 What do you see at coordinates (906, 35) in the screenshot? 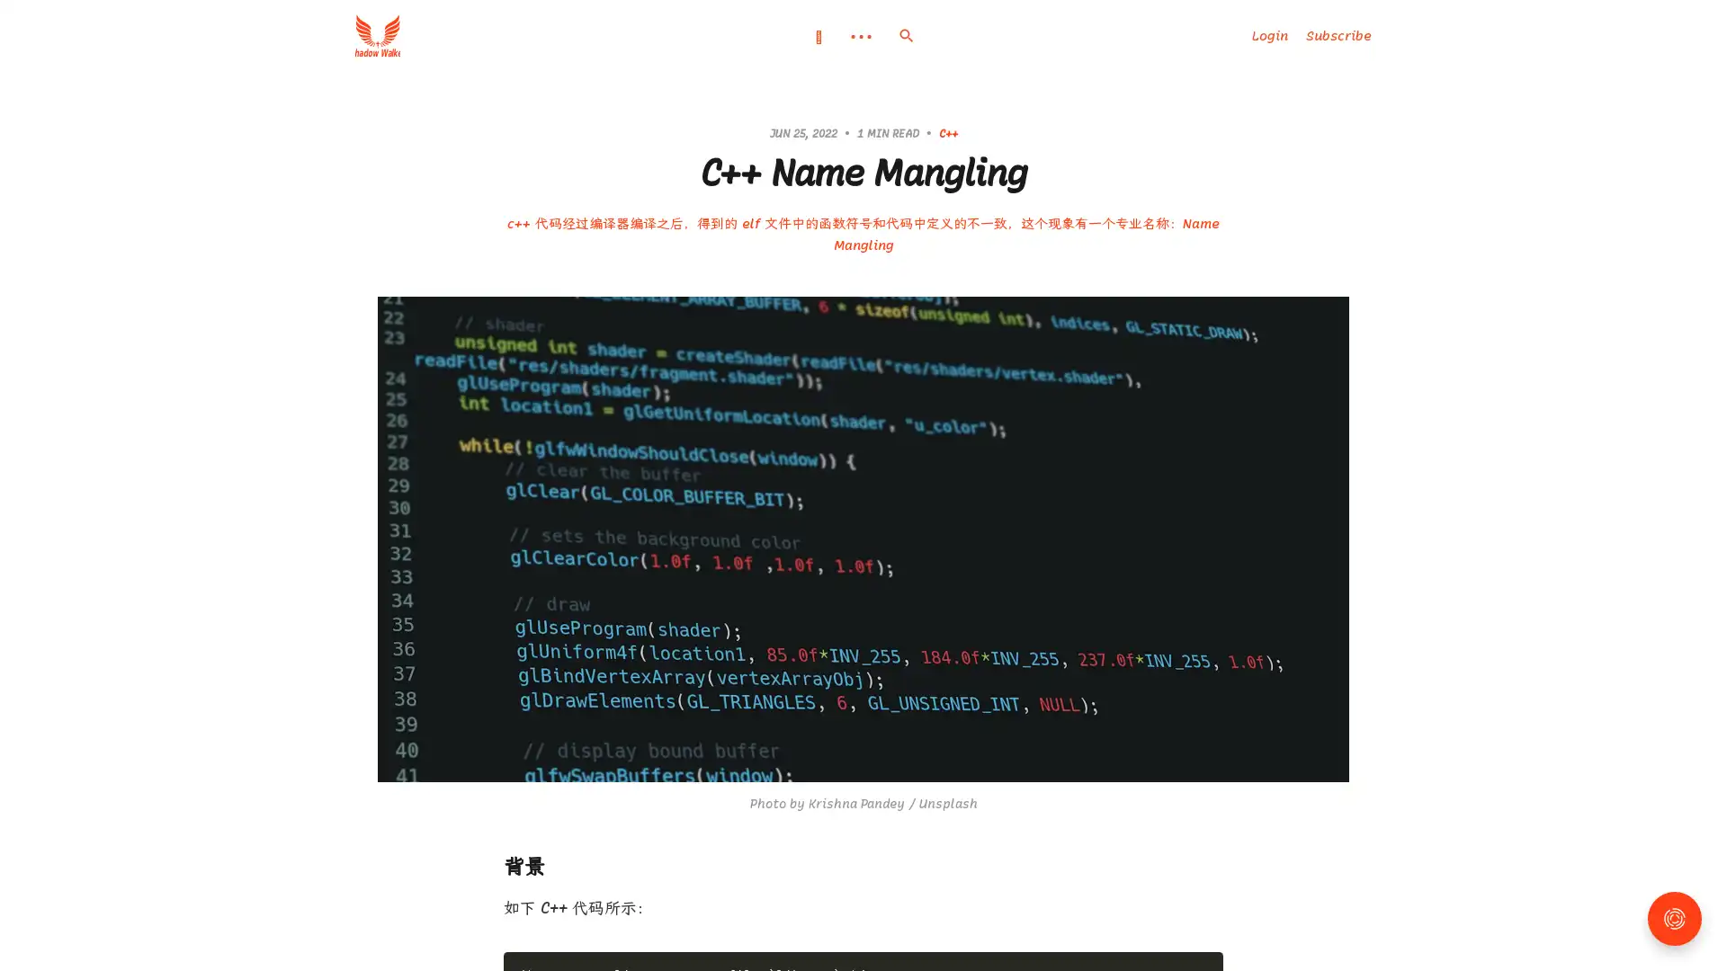
I see `Search` at bounding box center [906, 35].